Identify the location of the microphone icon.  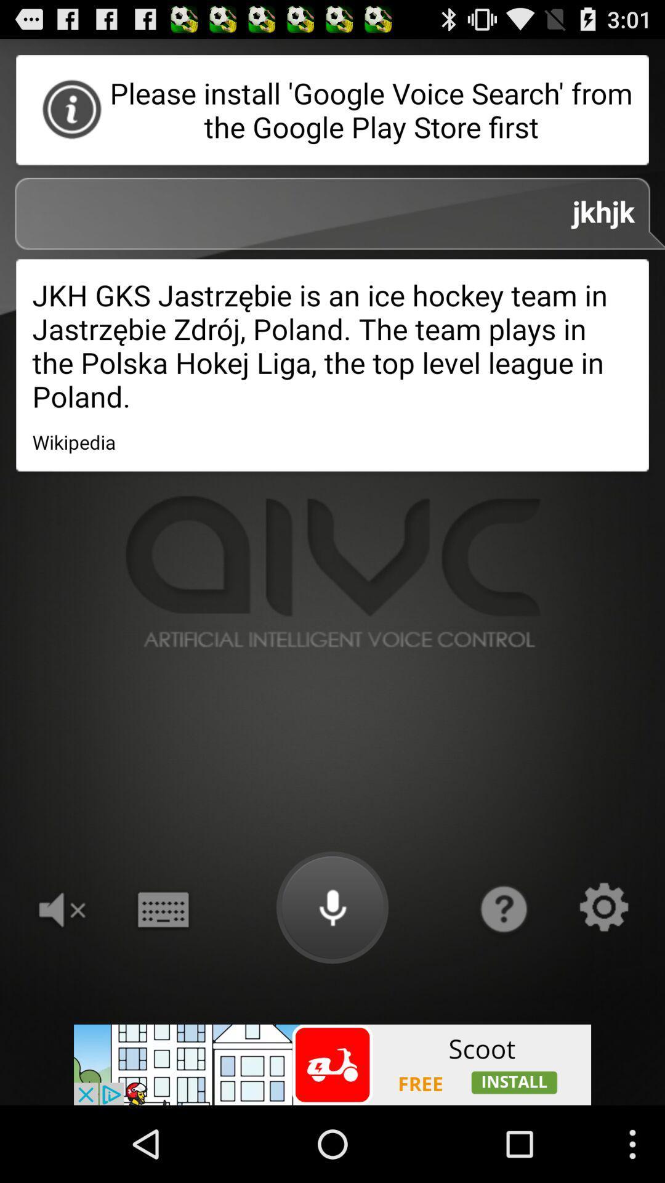
(332, 970).